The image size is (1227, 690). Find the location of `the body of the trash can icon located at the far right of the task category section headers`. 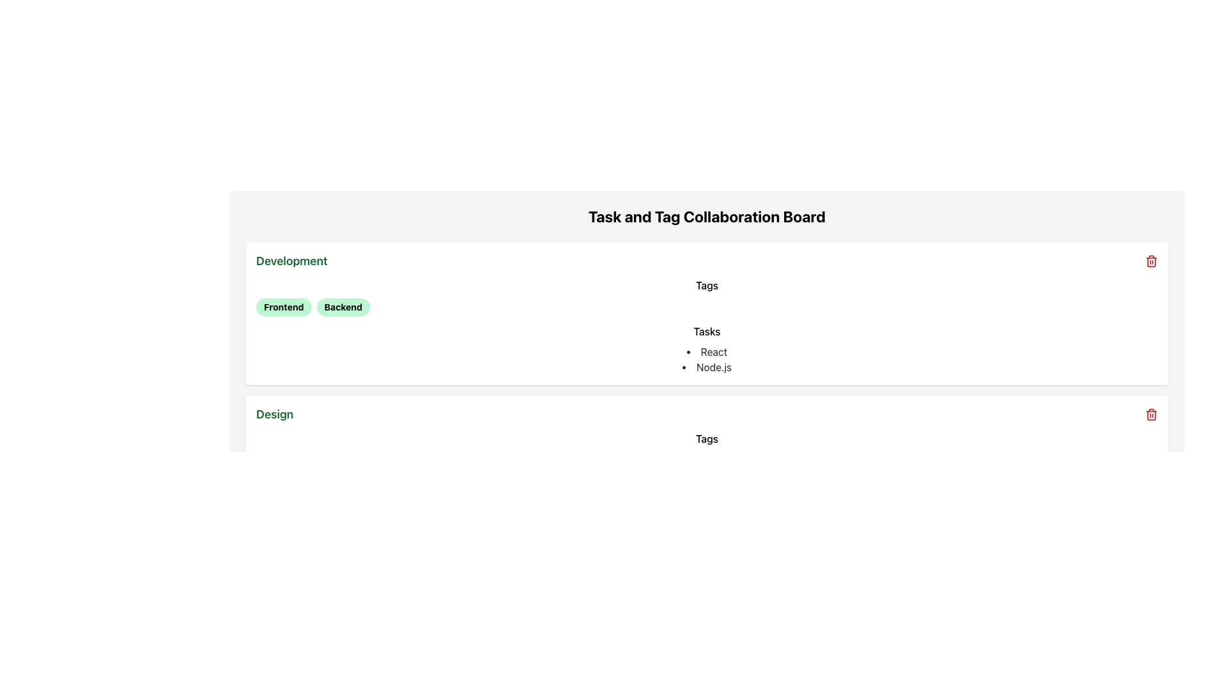

the body of the trash can icon located at the far right of the task category section headers is located at coordinates (1151, 261).